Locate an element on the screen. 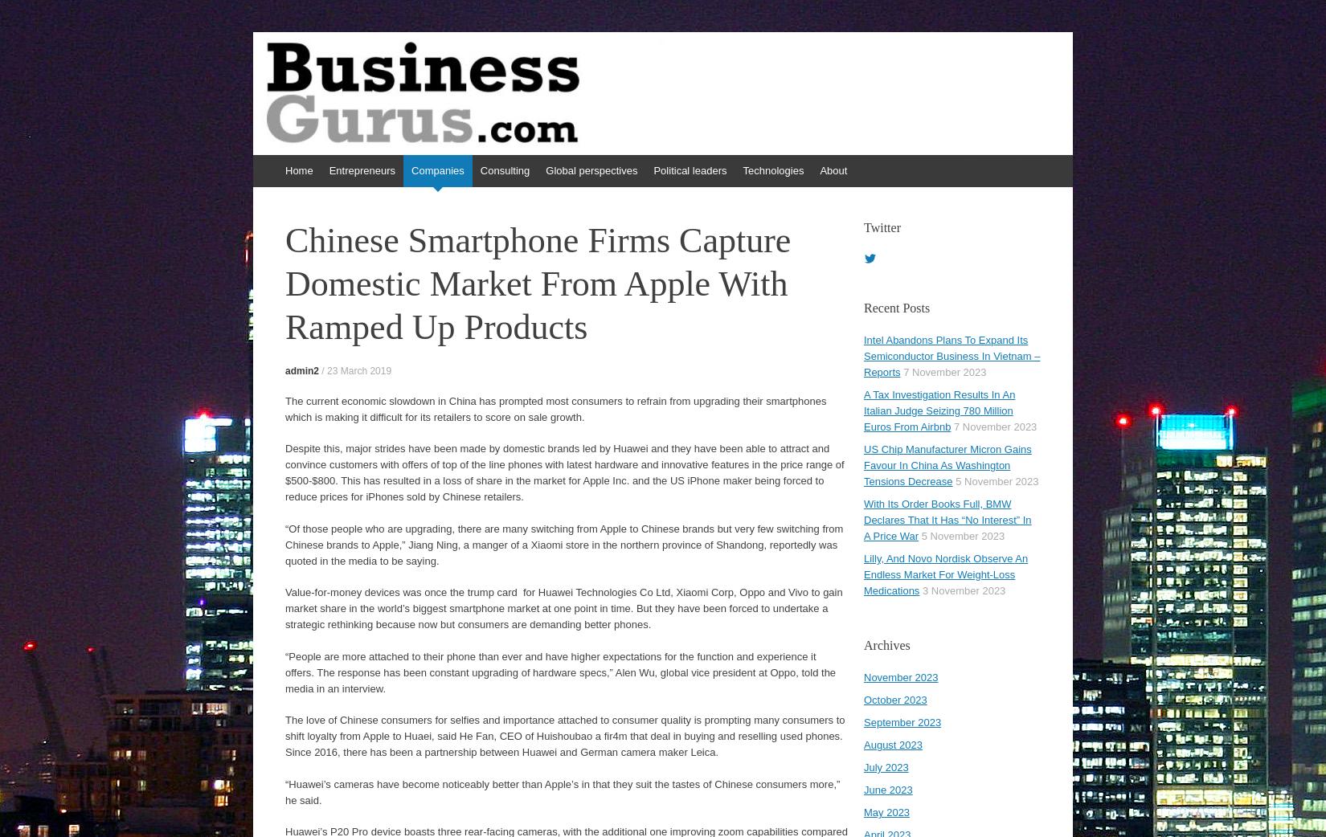 Image resolution: width=1326 pixels, height=837 pixels. 'Intel Abandons Plans To Expand Its Semiconductor Business In Vietnam – Reports' is located at coordinates (952, 356).